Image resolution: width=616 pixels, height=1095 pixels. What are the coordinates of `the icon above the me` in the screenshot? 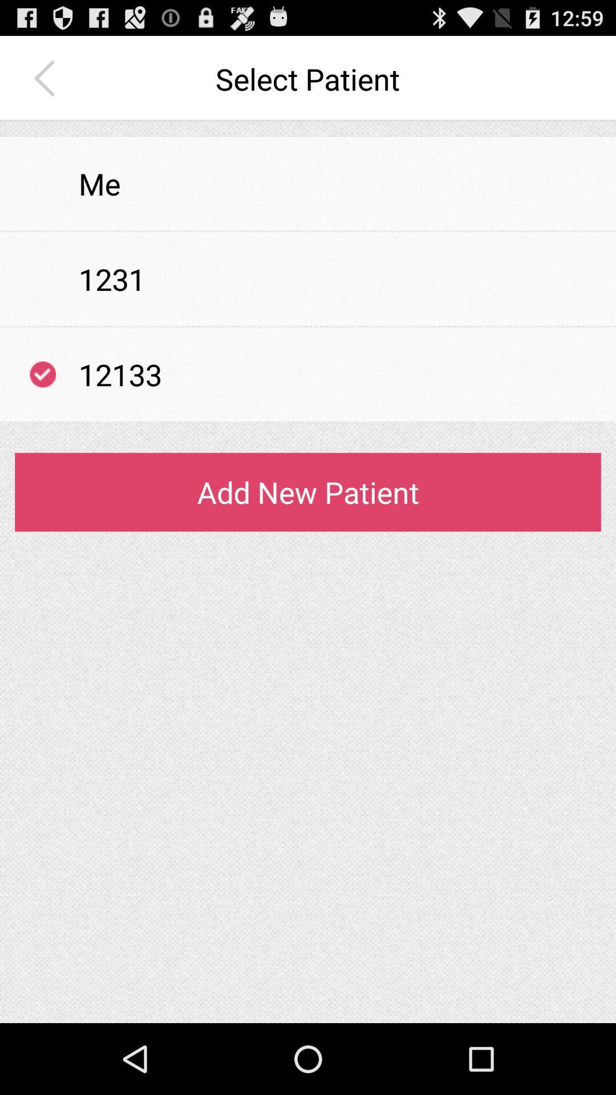 It's located at (308, 129).